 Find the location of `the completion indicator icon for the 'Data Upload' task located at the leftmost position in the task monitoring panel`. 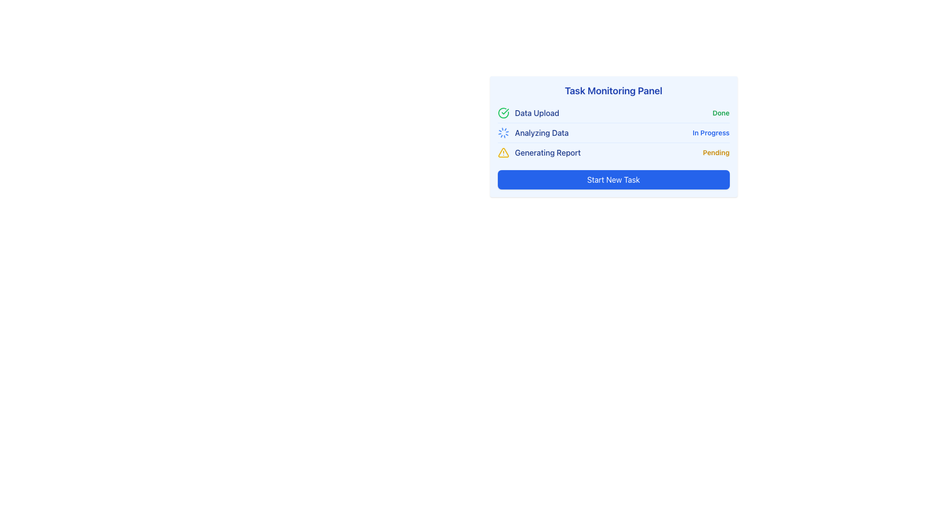

the completion indicator icon for the 'Data Upload' task located at the leftmost position in the task monitoring panel is located at coordinates (503, 113).